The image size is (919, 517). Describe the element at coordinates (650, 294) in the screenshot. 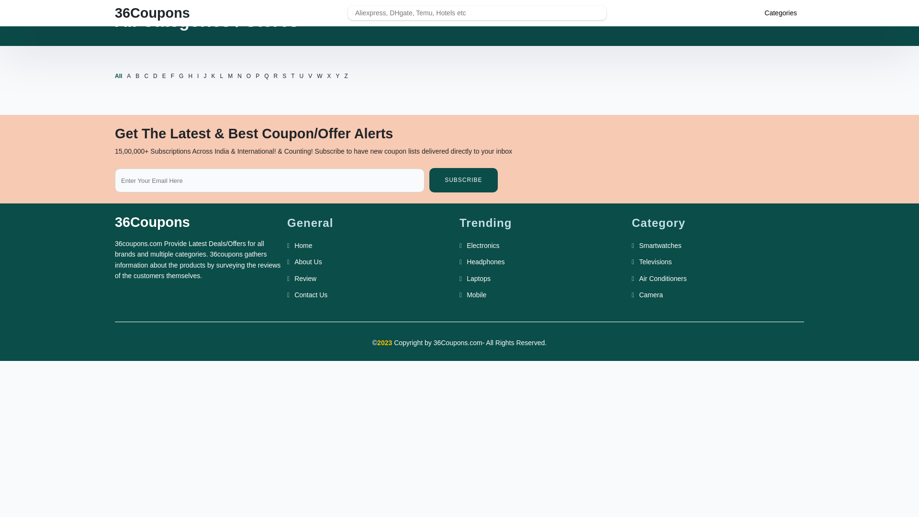

I see `'Camera'` at that location.